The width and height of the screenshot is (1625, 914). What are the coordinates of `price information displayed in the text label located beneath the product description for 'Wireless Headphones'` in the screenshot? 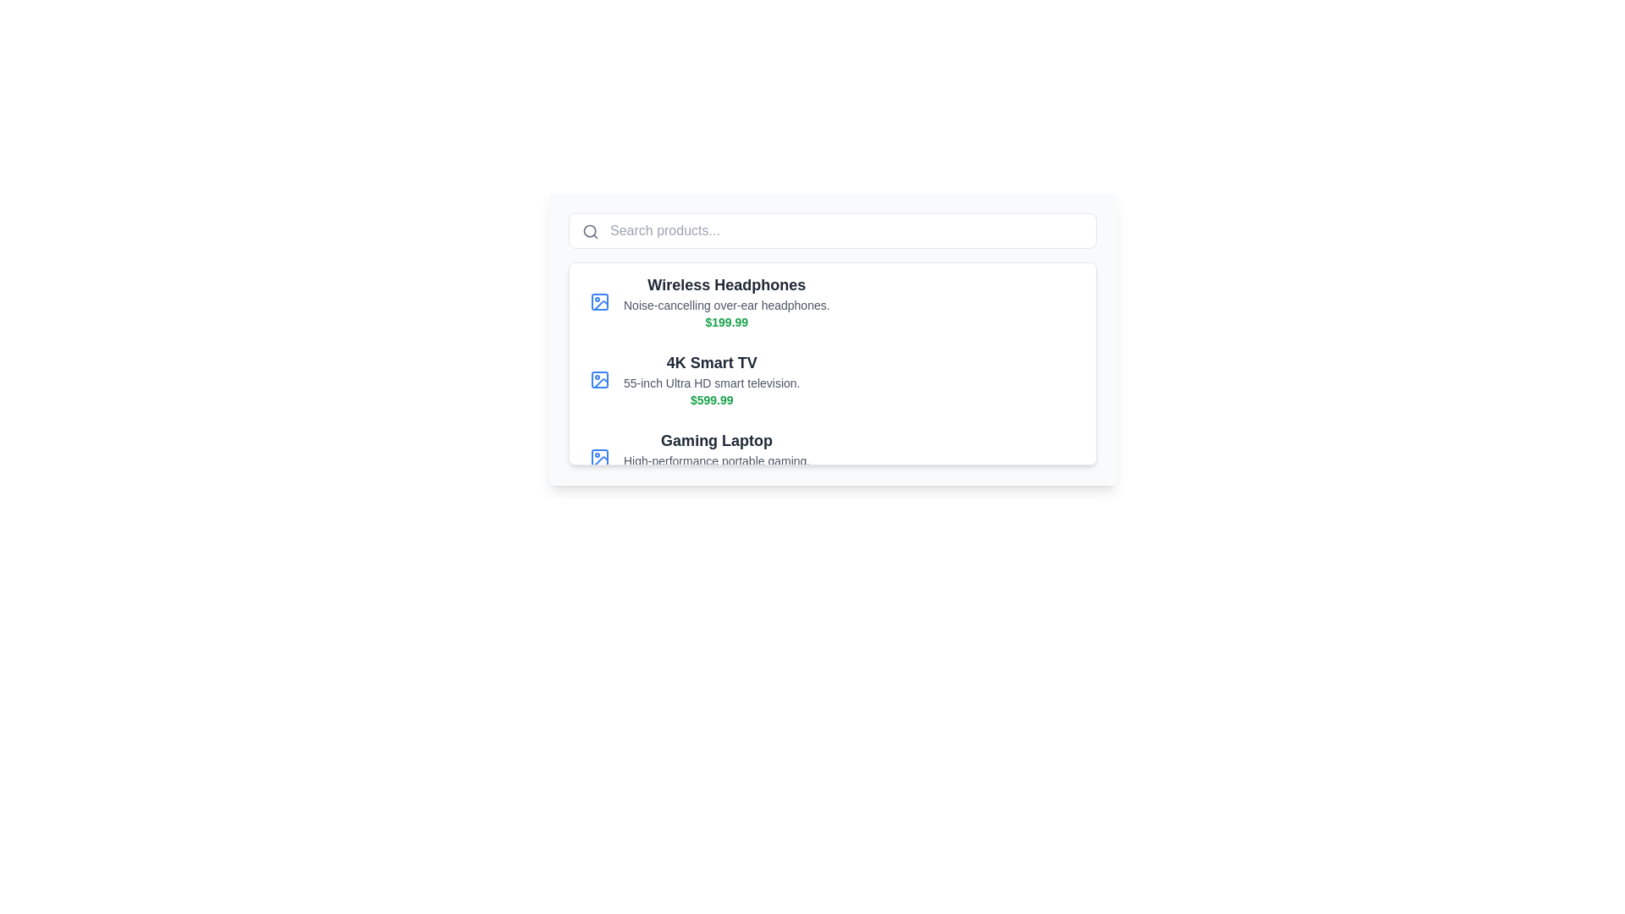 It's located at (726, 322).